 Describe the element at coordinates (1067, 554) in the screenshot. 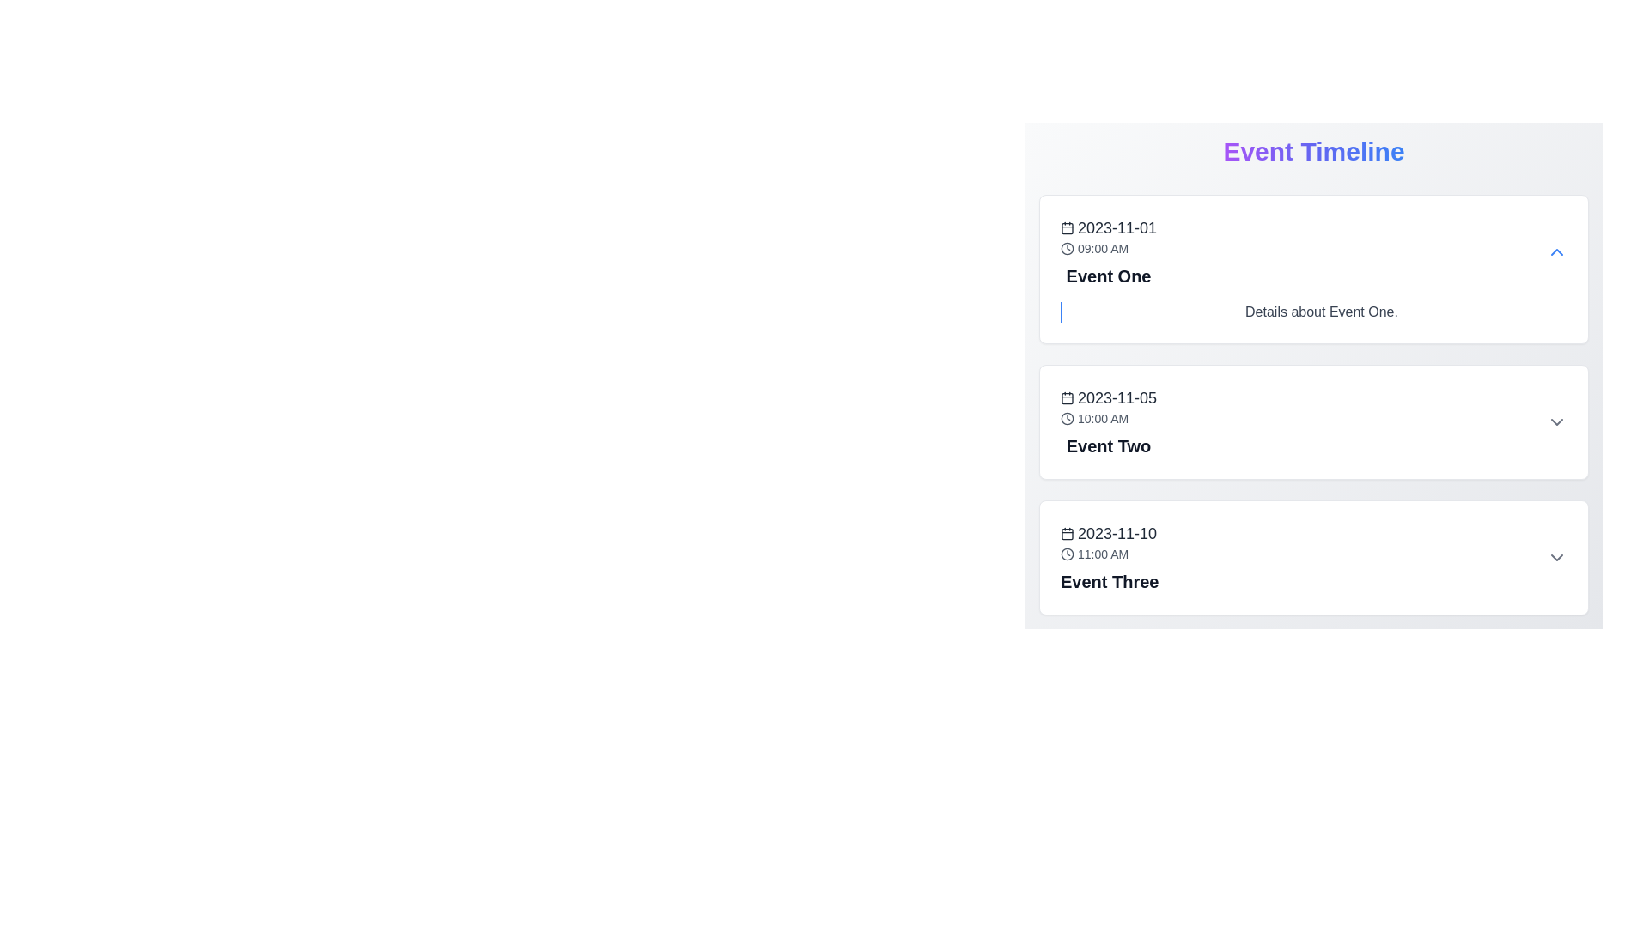

I see `the clock icon representing the time '11:00 AM' for 'Event Three', located to the left of the text '11:00 AM' in the timeline's date and time row` at that location.